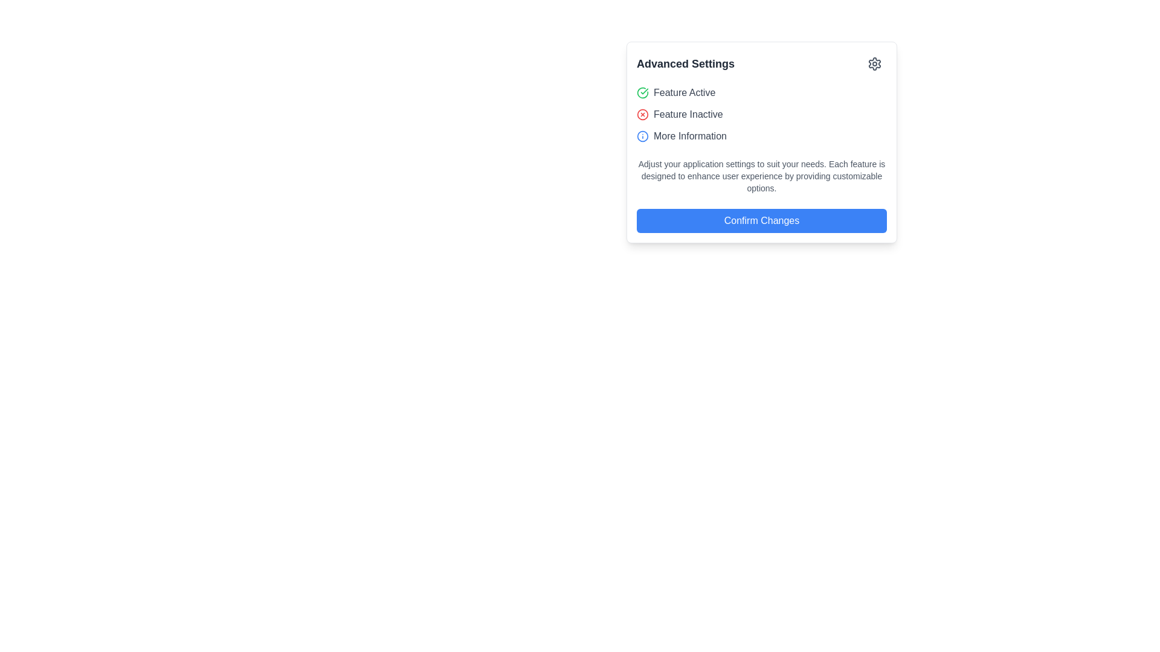 The height and width of the screenshot is (652, 1160). Describe the element at coordinates (642, 136) in the screenshot. I see `central circular SVG Circle element located within the 'More Information' icon, which is positioned immediately to the left of the text 'More Information'` at that location.